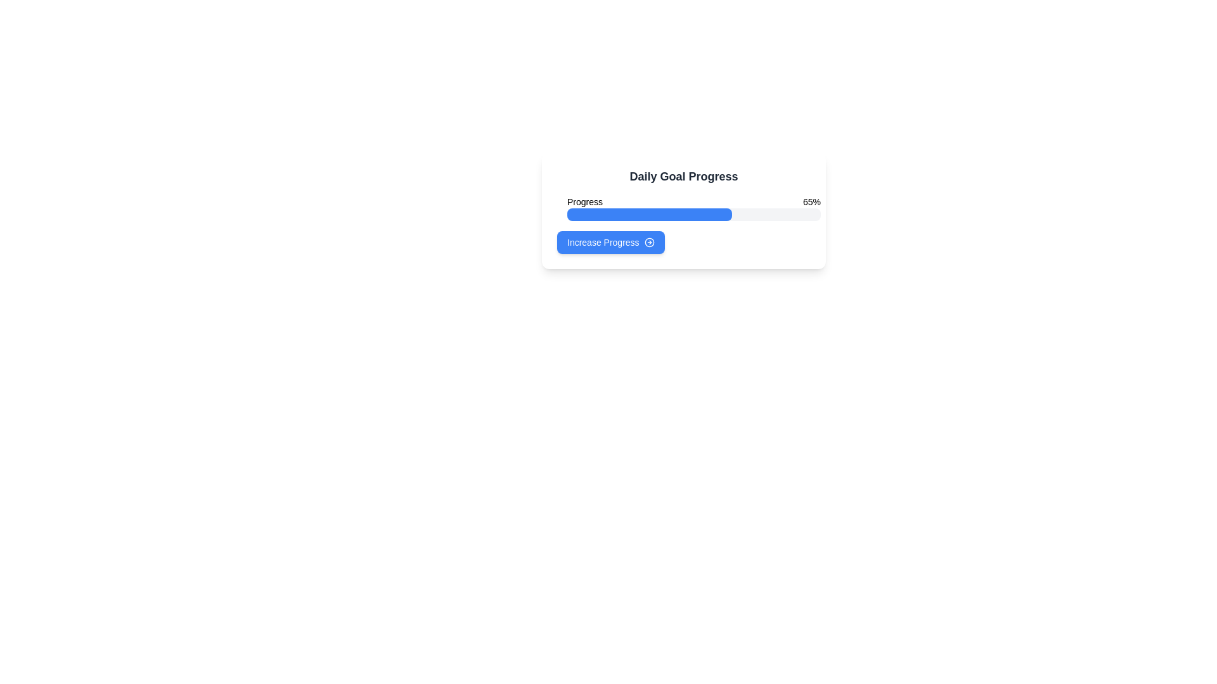 This screenshot has height=684, width=1217. I want to click on the blue progress bar in the 'Daily Goal Progress' section, which is horizontally centered and visually distinct with rounded edges, so click(650, 214).